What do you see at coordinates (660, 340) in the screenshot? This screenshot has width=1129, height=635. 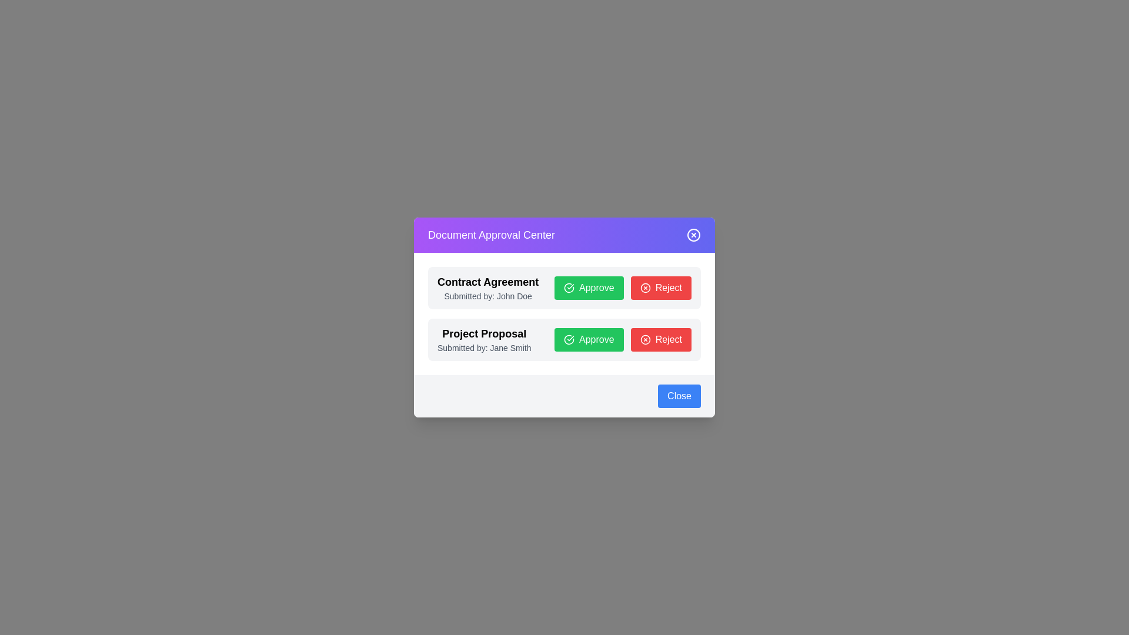 I see `the red 'Reject' button located at the bottom-right of the 'Project Proposal' modal to reject the proposal` at bounding box center [660, 340].